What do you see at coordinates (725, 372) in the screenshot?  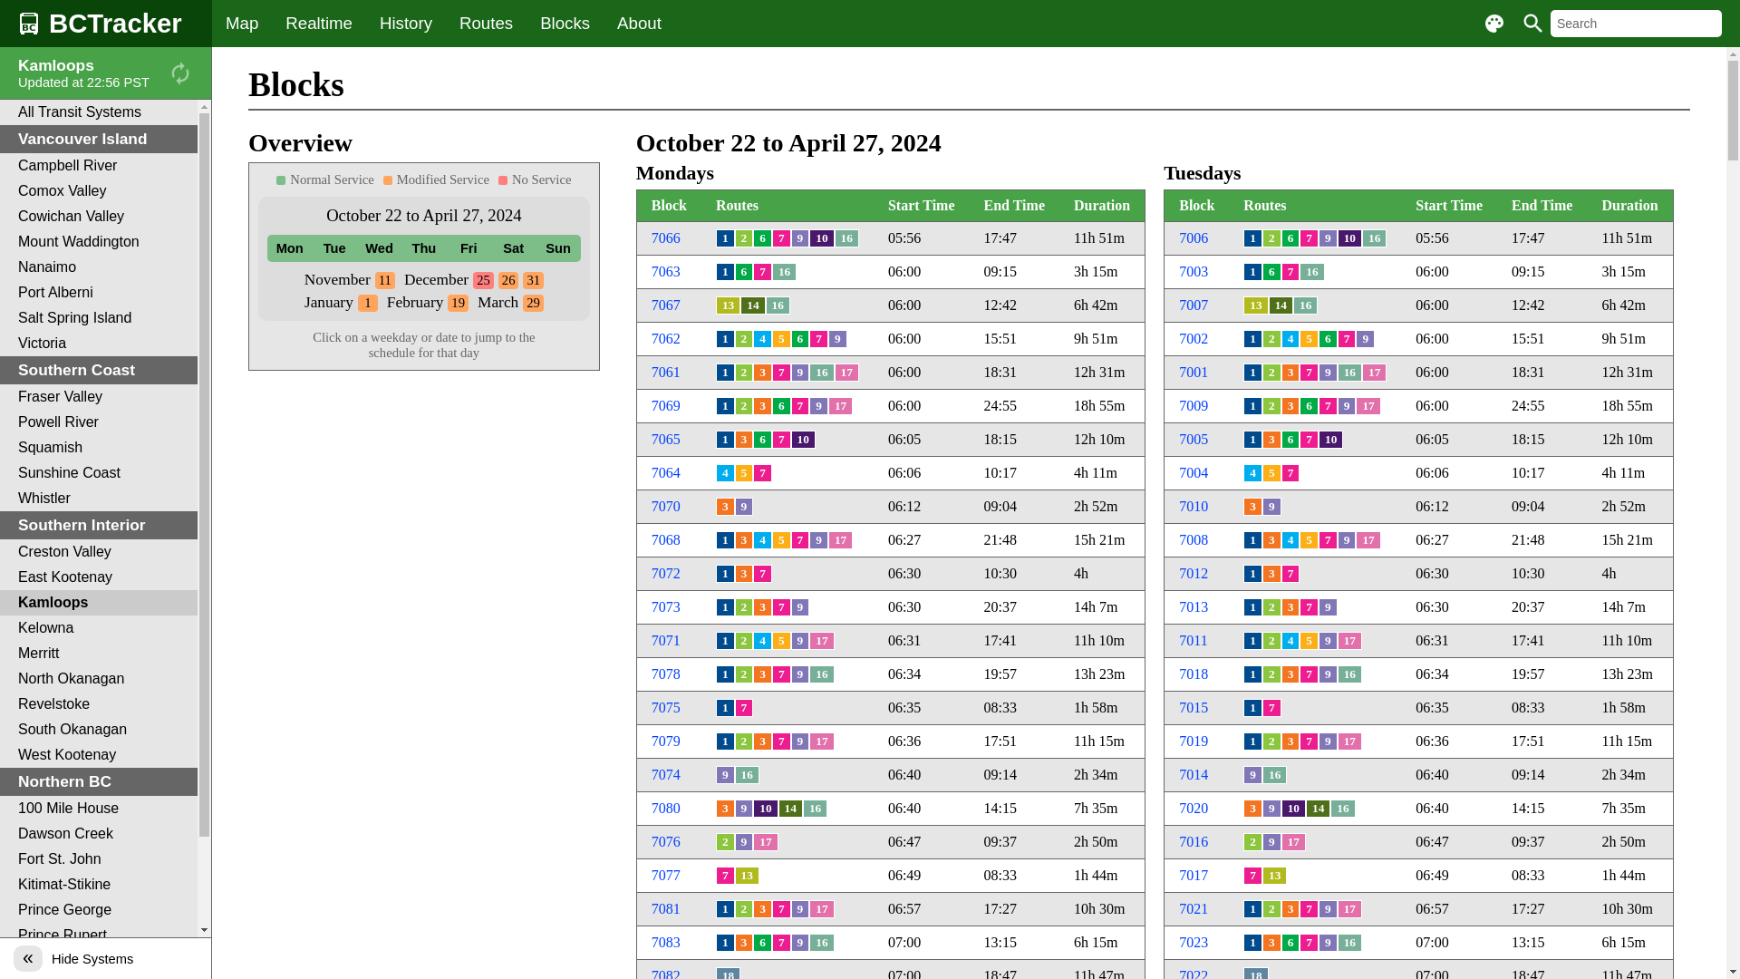 I see `'1'` at bounding box center [725, 372].